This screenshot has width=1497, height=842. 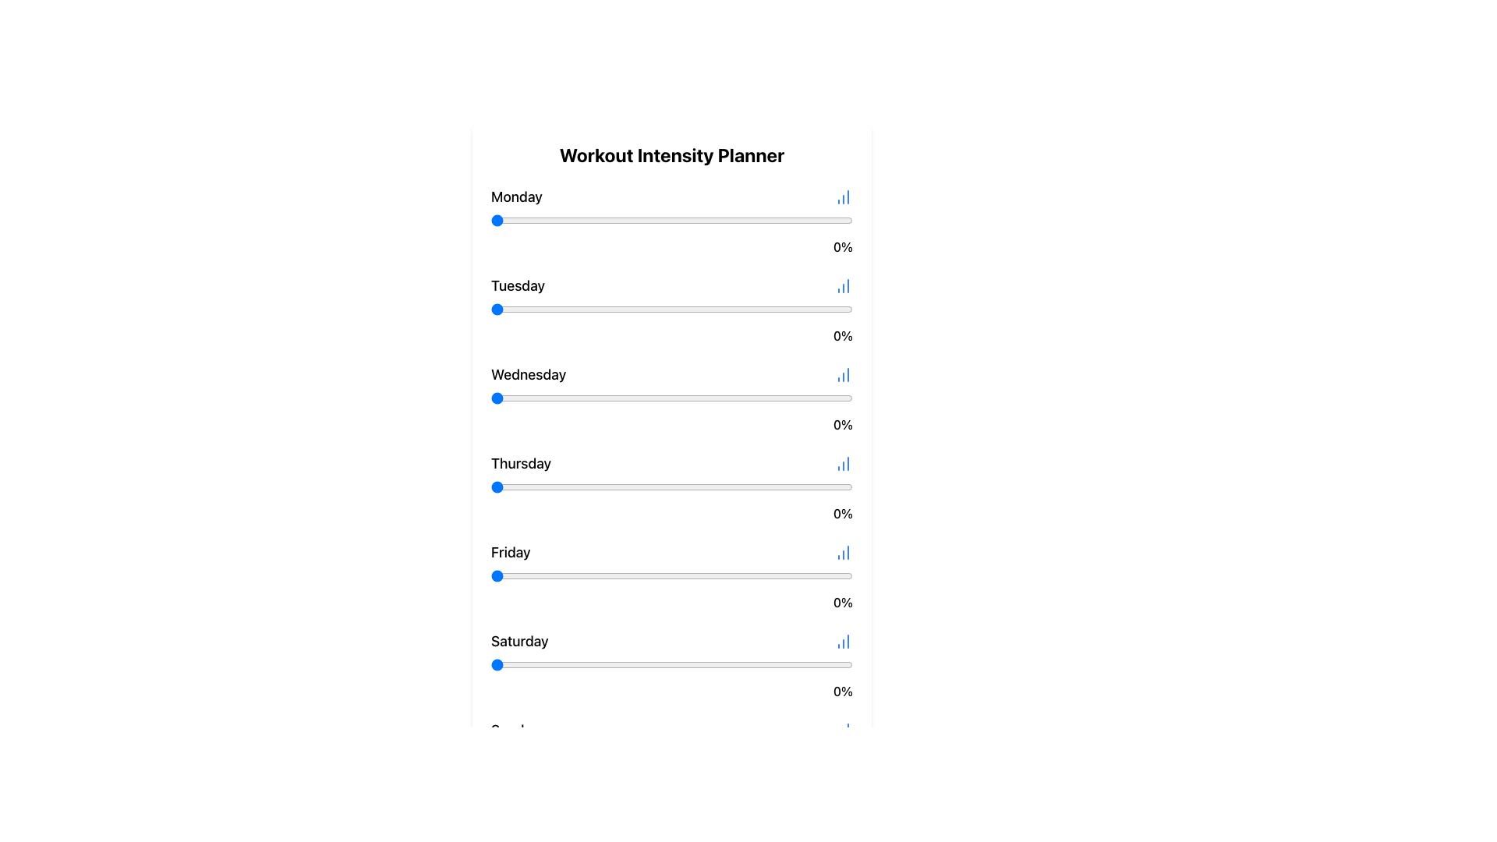 What do you see at coordinates (696, 220) in the screenshot?
I see `Monday's intensity` at bounding box center [696, 220].